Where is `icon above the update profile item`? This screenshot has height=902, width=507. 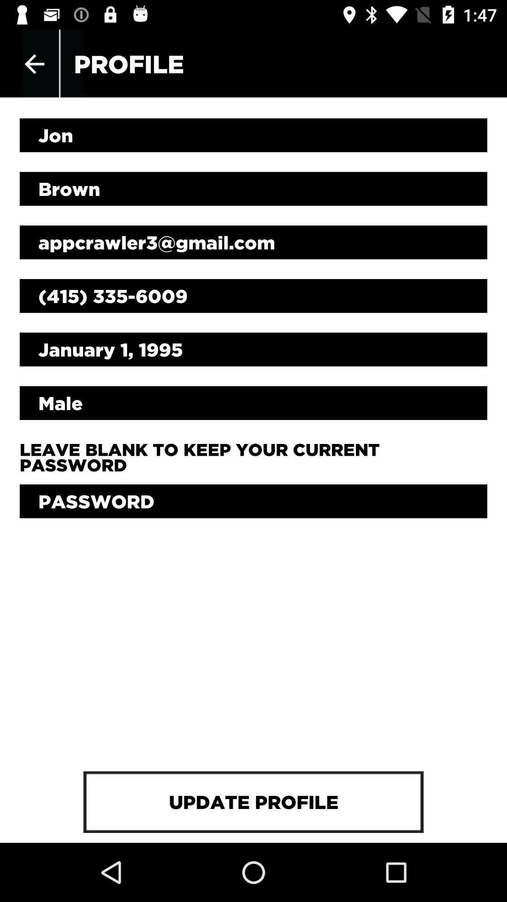 icon above the update profile item is located at coordinates (253, 501).